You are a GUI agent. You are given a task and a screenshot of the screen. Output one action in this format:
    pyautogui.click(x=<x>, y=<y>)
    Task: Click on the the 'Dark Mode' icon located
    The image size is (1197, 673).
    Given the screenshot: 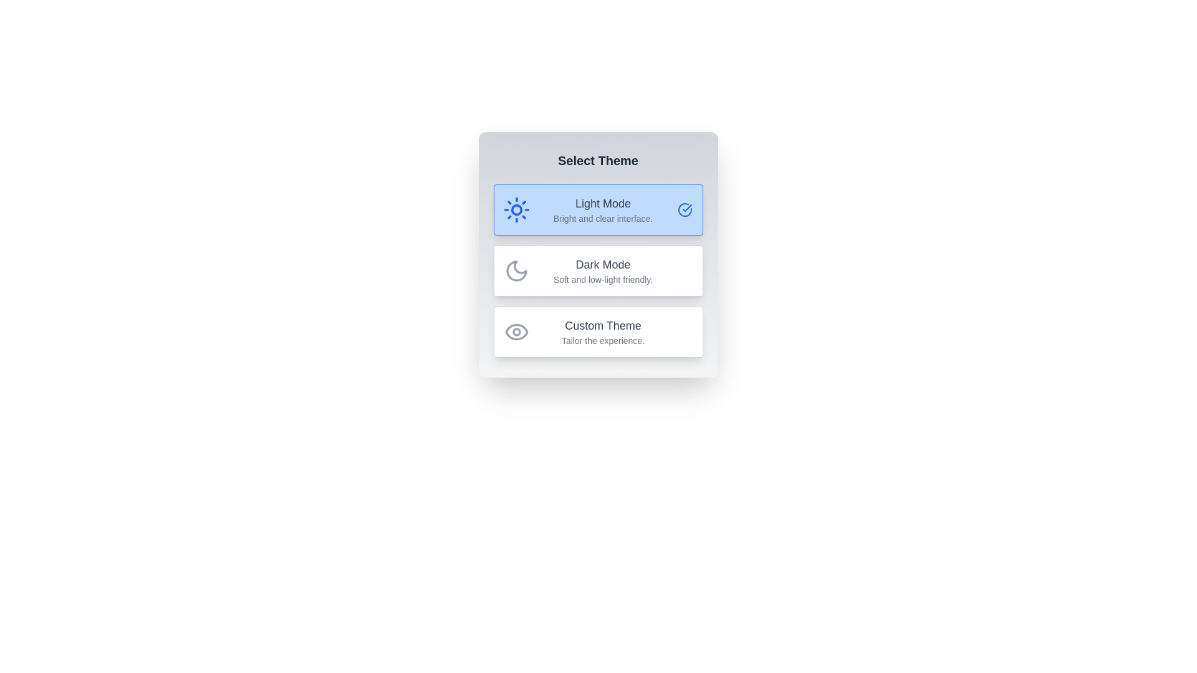 What is the action you would take?
    pyautogui.click(x=516, y=270)
    